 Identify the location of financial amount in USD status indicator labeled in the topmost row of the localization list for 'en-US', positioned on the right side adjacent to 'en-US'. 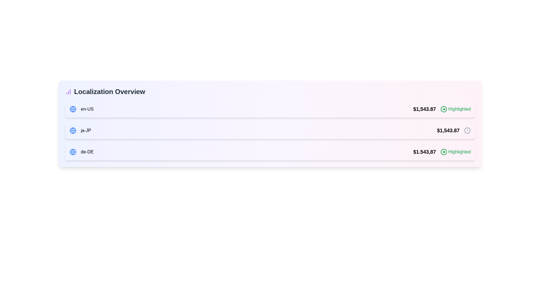
(442, 109).